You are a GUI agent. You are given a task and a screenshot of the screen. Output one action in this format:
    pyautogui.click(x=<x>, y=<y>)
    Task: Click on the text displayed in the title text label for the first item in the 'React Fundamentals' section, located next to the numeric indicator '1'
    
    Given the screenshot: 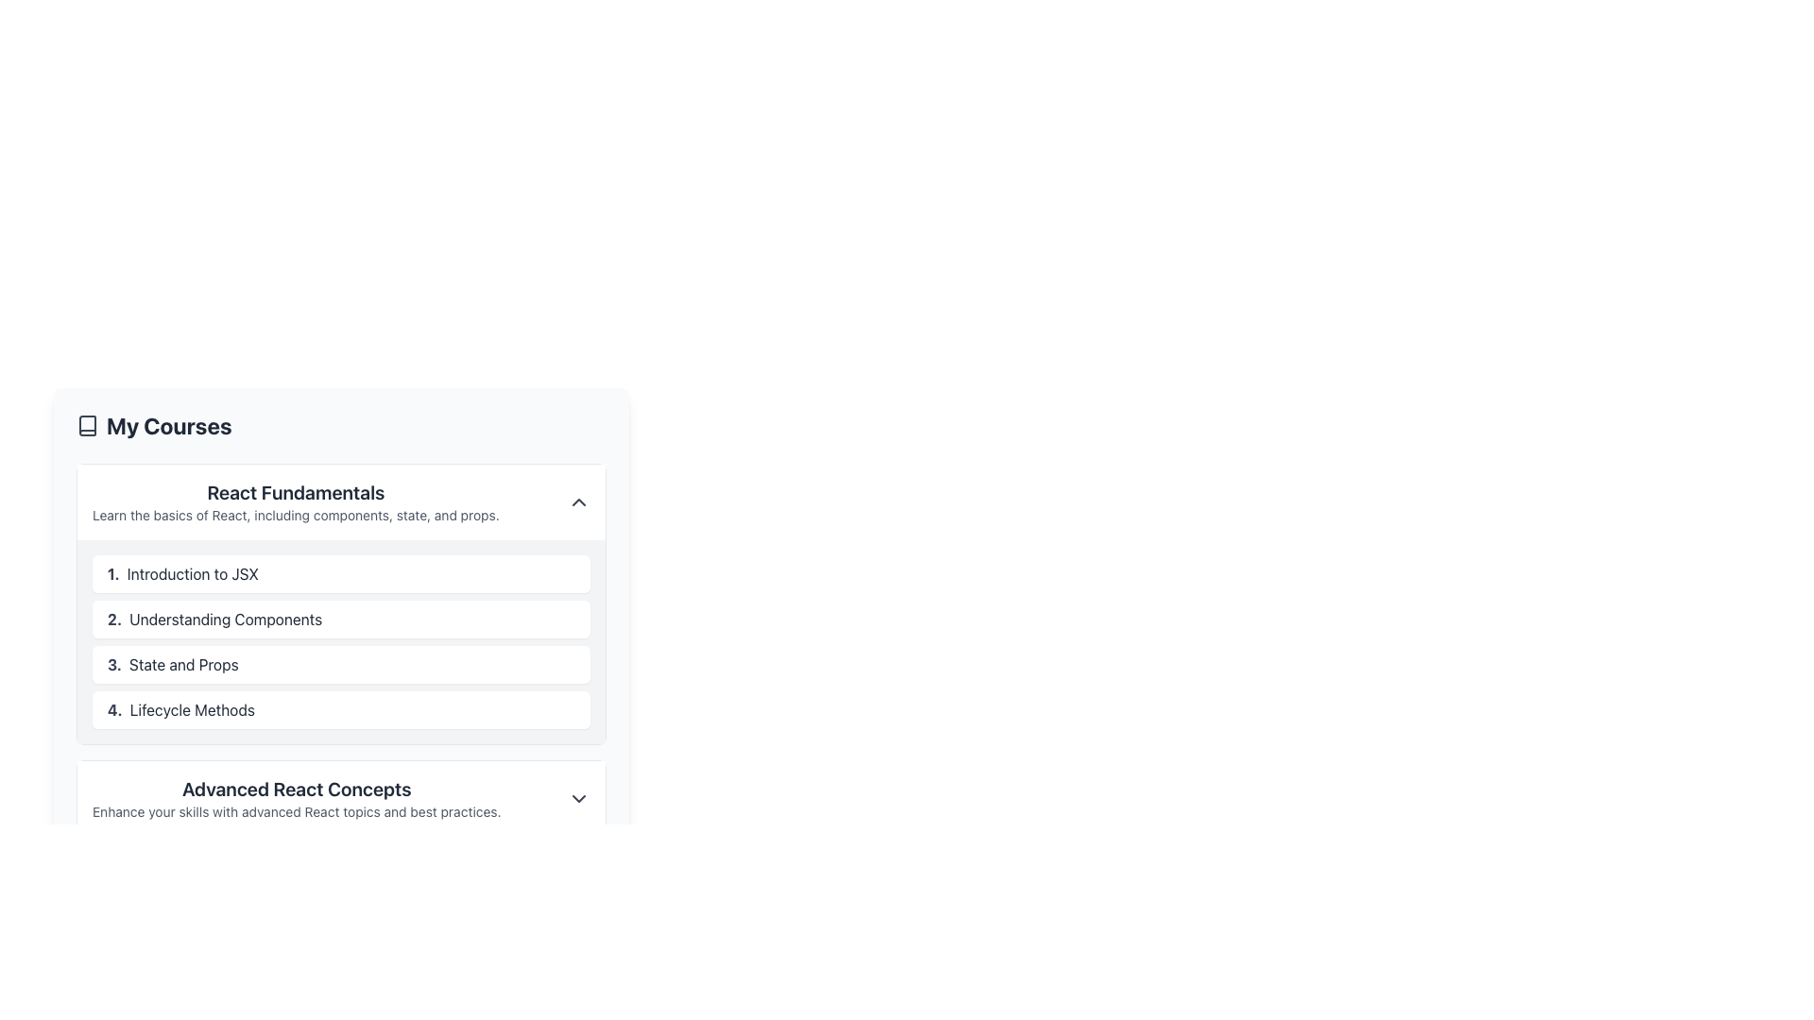 What is the action you would take?
    pyautogui.click(x=193, y=573)
    